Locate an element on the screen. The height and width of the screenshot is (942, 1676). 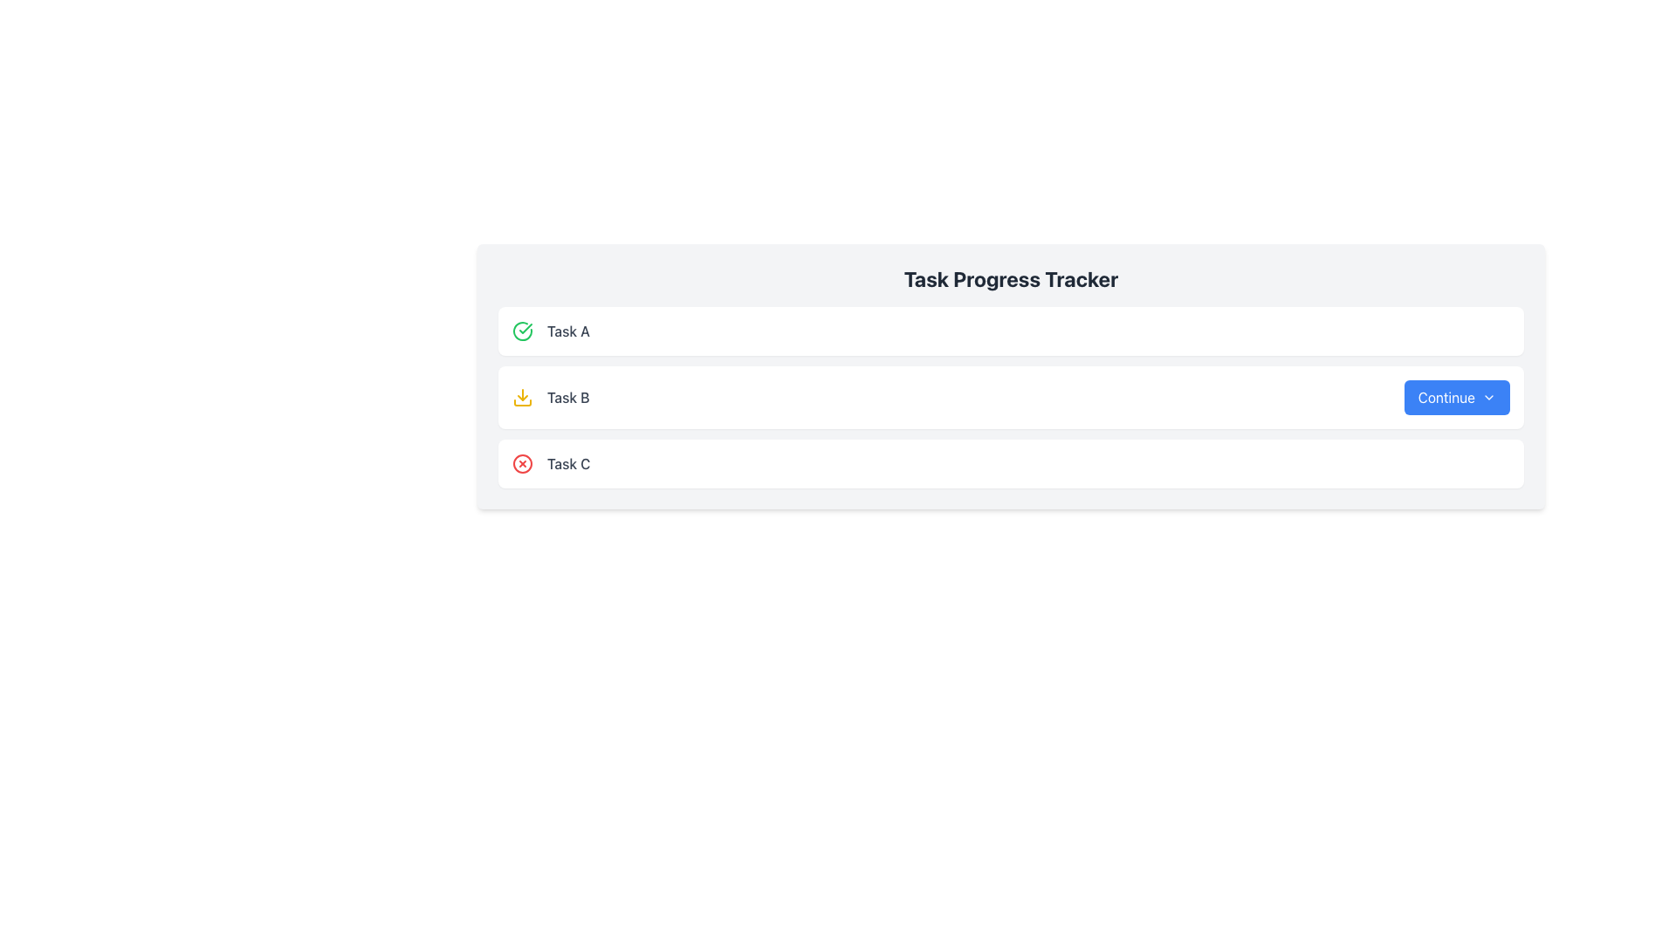
the 'Task B' label, which is styled in gray and positioned to the right of a download icon in the second row of the layout is located at coordinates (568, 397).